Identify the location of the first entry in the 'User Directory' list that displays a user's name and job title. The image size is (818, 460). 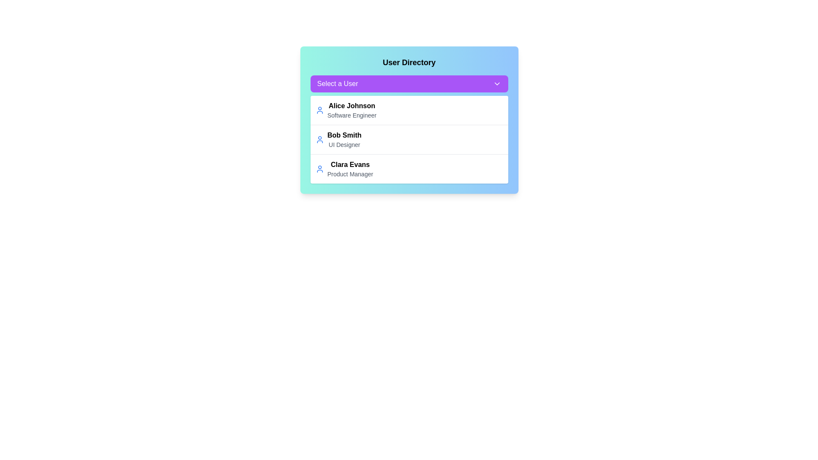
(409, 109).